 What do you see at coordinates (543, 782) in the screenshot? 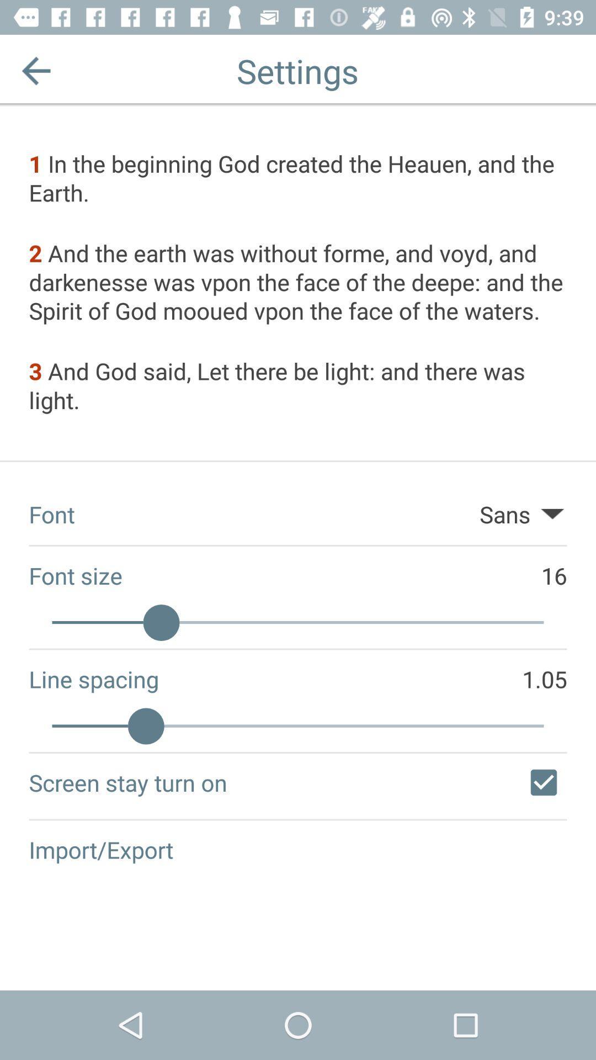
I see `the icon next to the screen stay turn` at bounding box center [543, 782].